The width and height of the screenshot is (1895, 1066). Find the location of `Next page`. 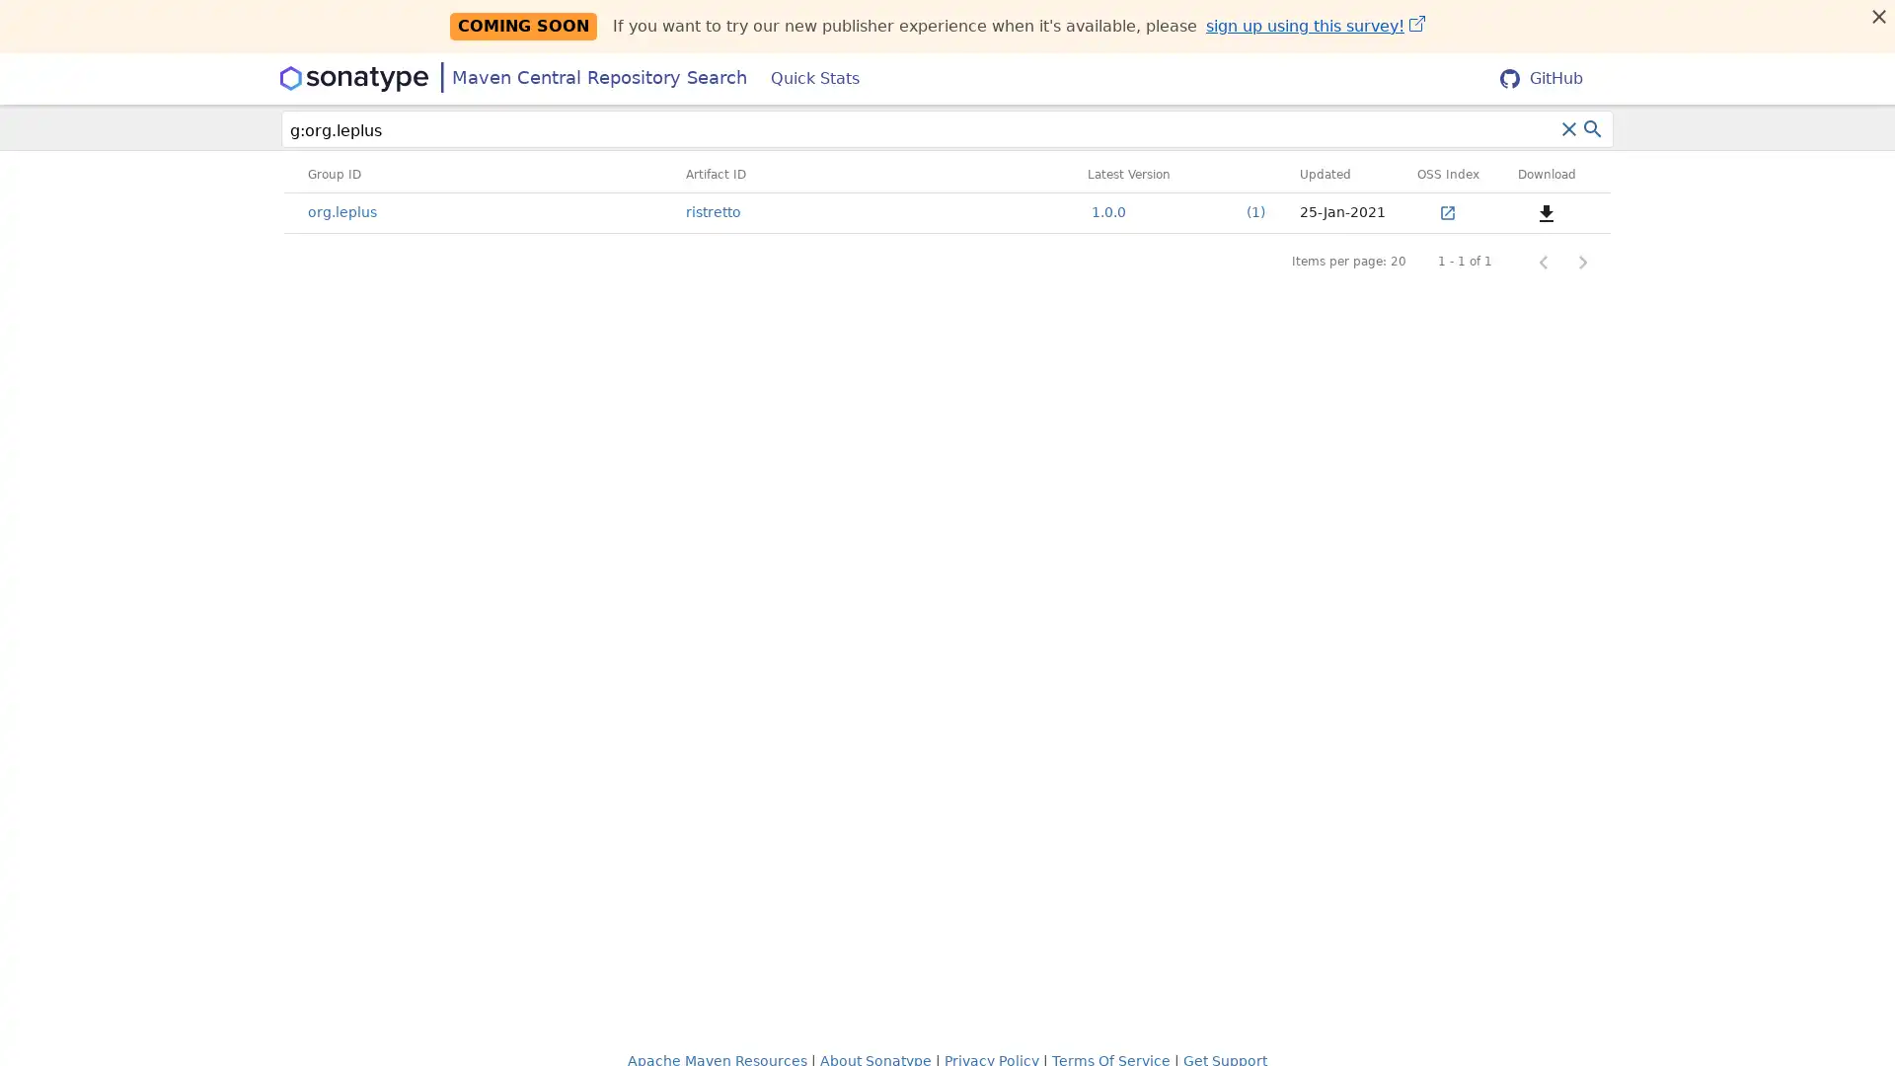

Next page is located at coordinates (1582, 259).